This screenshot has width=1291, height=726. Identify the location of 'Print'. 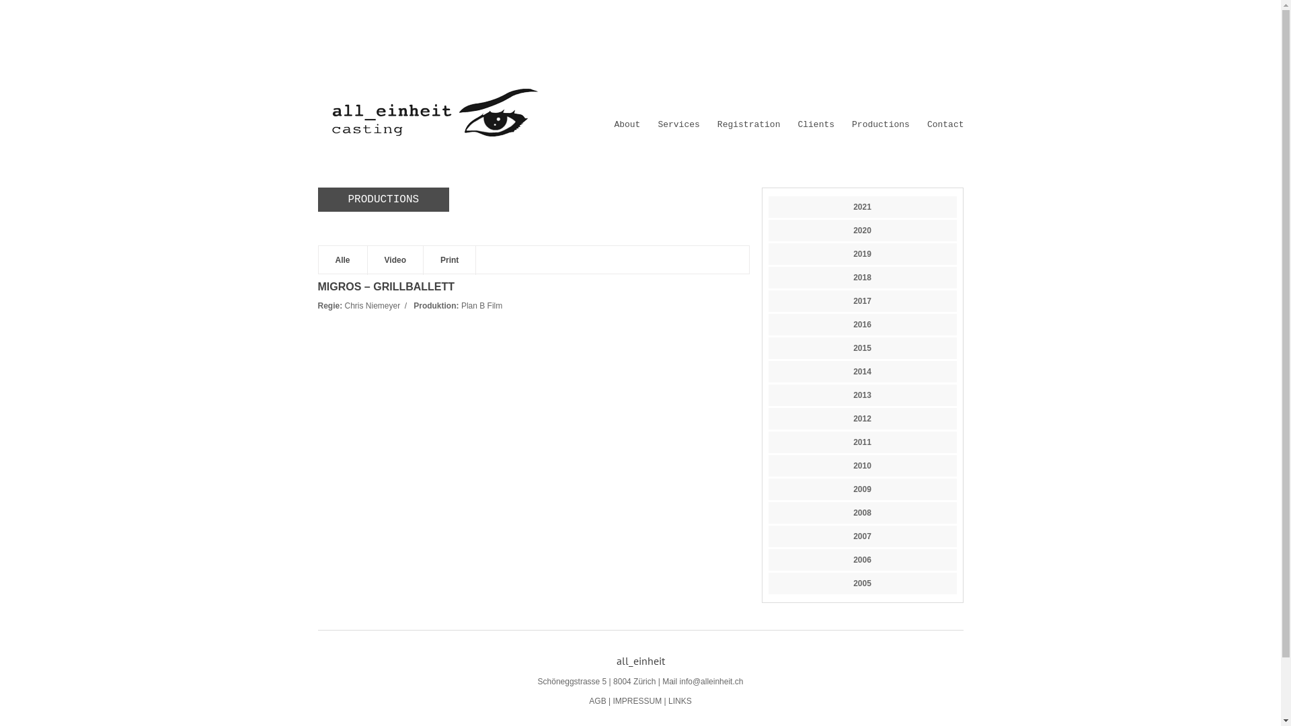
(449, 260).